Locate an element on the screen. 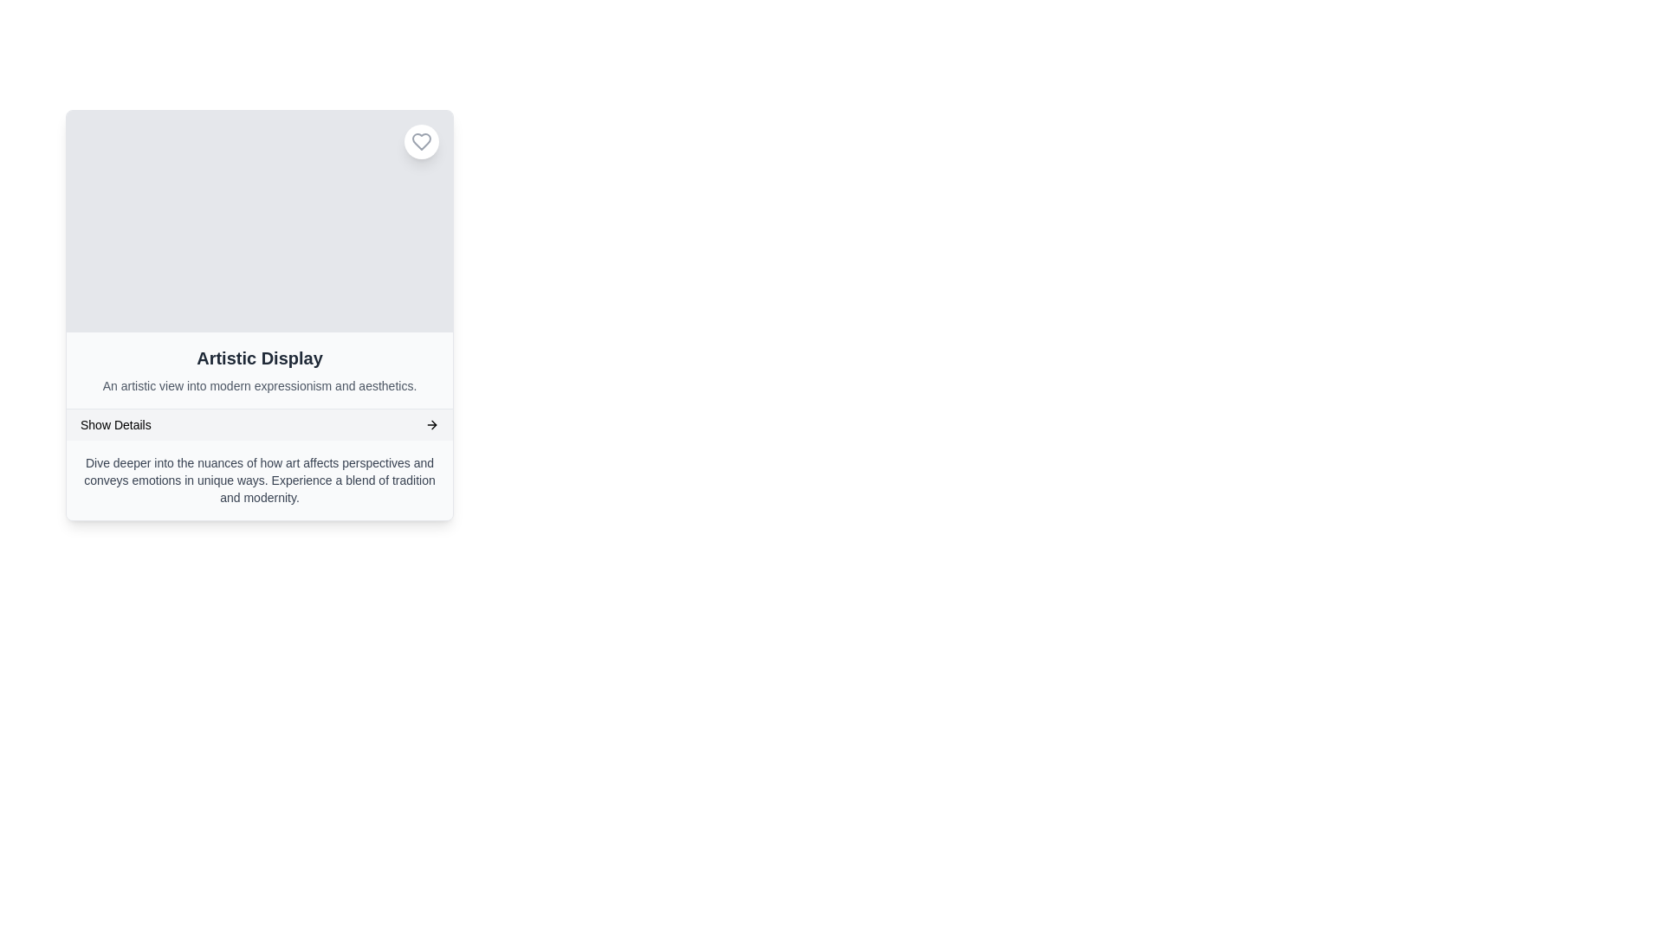  text in the textual area containing the title 'Artistic Display' and the description 'An artistic view into modern expressionism and aesthetics.' located in the upper section of the card interface, below the image placeholder and above the 'Show Details' button is located at coordinates (258, 370).